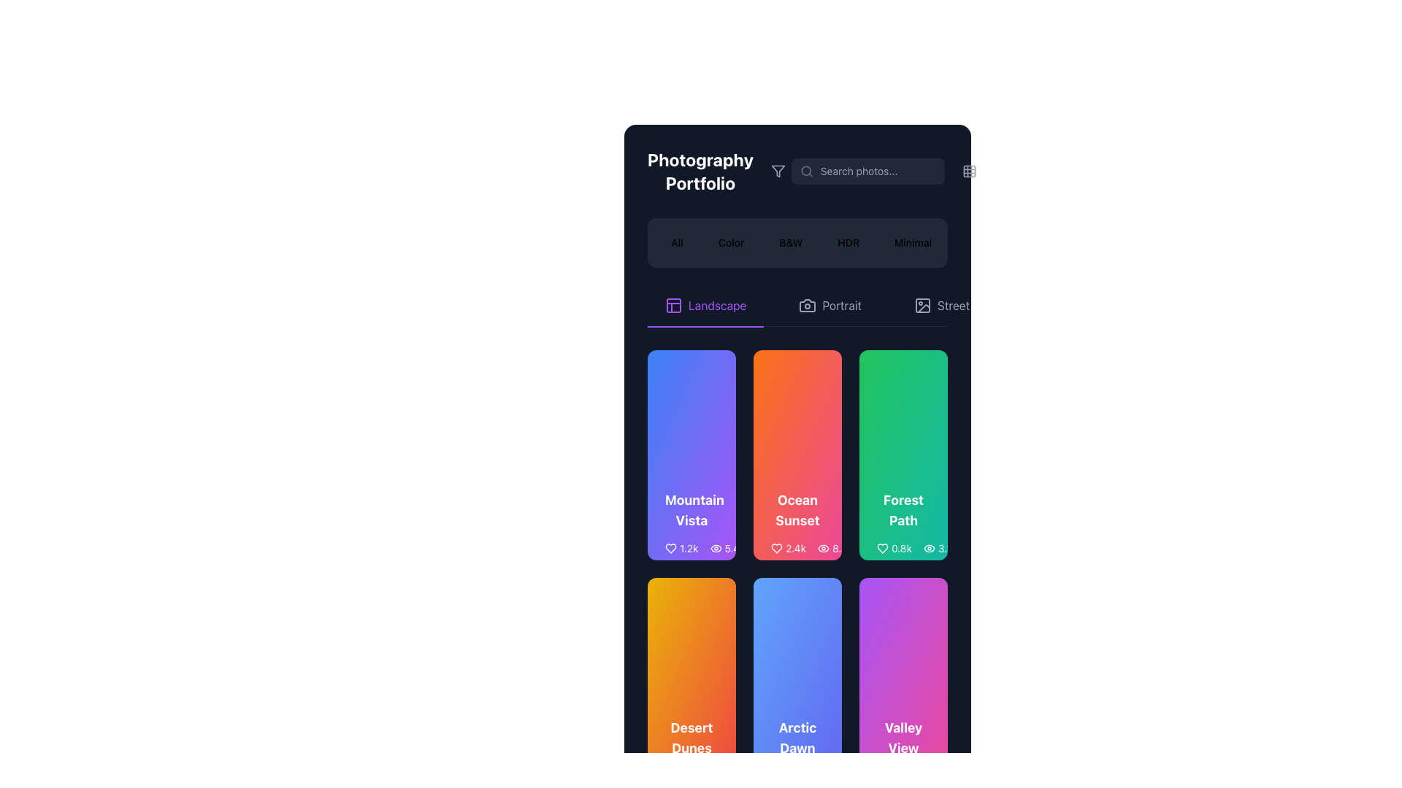 The width and height of the screenshot is (1402, 788). I want to click on the 'Landscape' tab in the Category Selector, so click(797, 305).